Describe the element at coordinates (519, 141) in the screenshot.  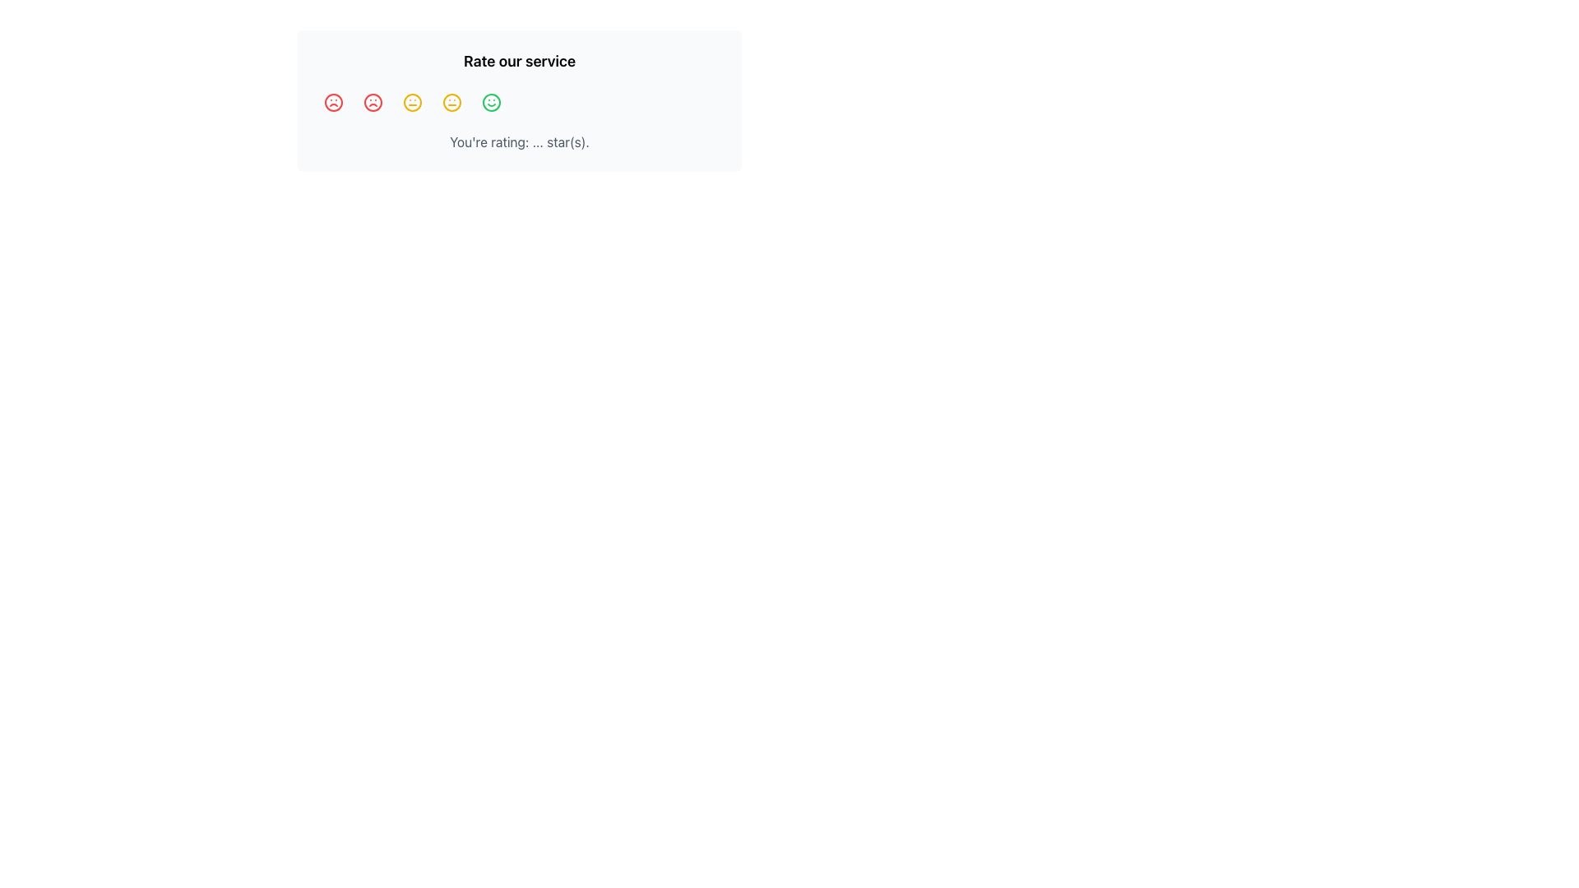
I see `the text label element that displays the user's current rating selection, located below the rating options in the 'Rate our service' section` at that location.